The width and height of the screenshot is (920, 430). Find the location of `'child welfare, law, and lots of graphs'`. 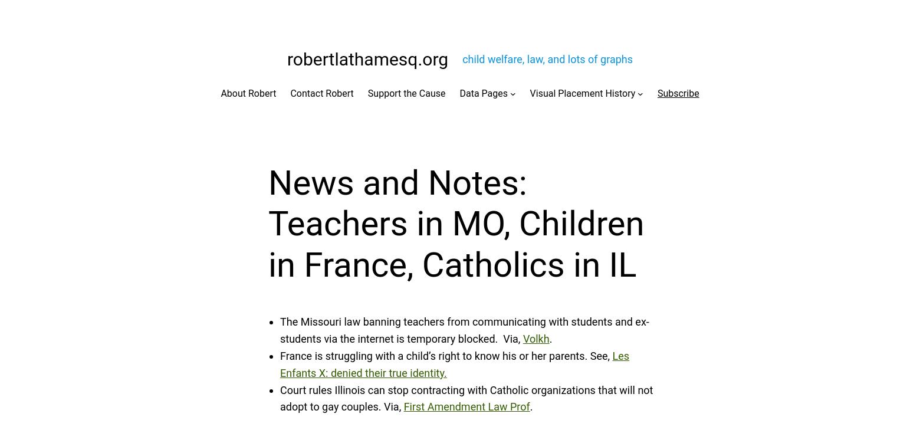

'child welfare, law, and lots of graphs' is located at coordinates (462, 58).